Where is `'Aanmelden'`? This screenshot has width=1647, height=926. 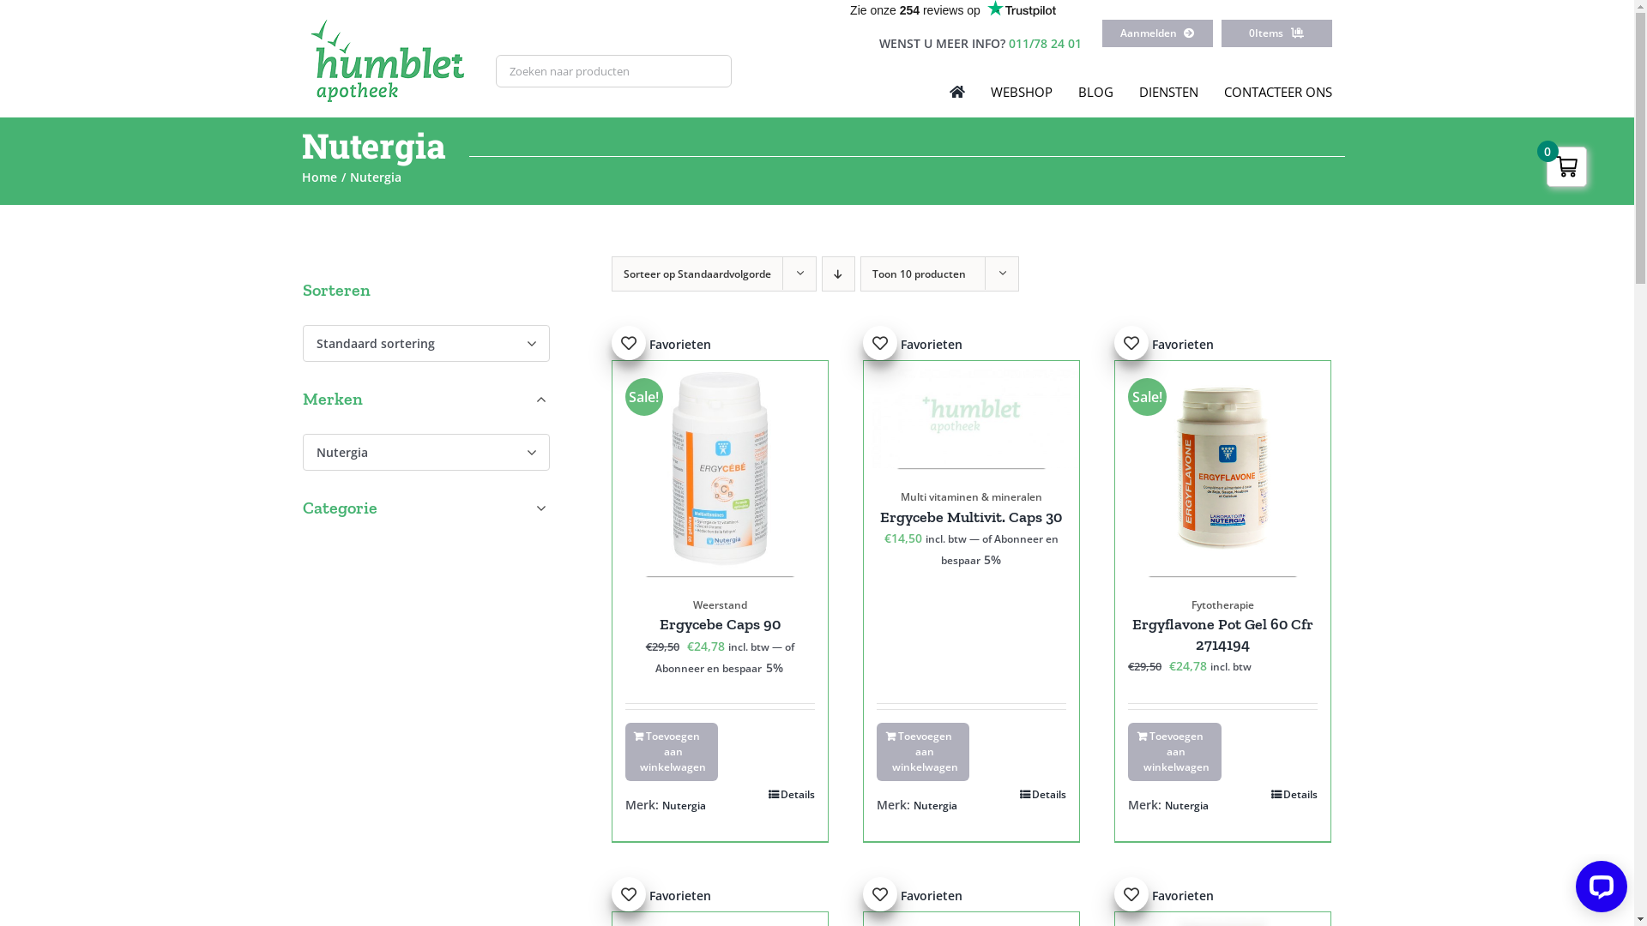 'Aanmelden' is located at coordinates (1157, 33).